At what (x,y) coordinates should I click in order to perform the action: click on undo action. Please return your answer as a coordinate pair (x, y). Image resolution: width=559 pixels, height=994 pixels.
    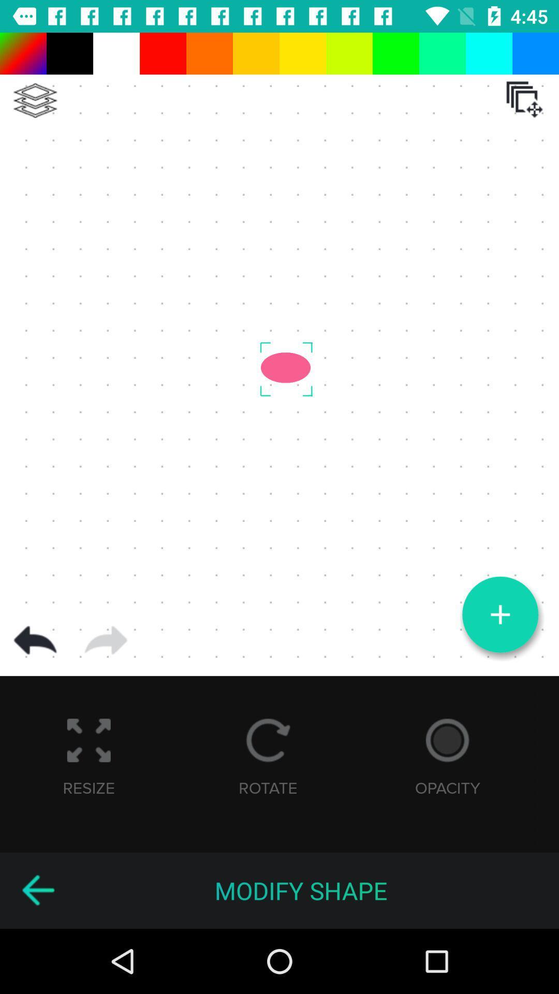
    Looking at the image, I should click on (35, 640).